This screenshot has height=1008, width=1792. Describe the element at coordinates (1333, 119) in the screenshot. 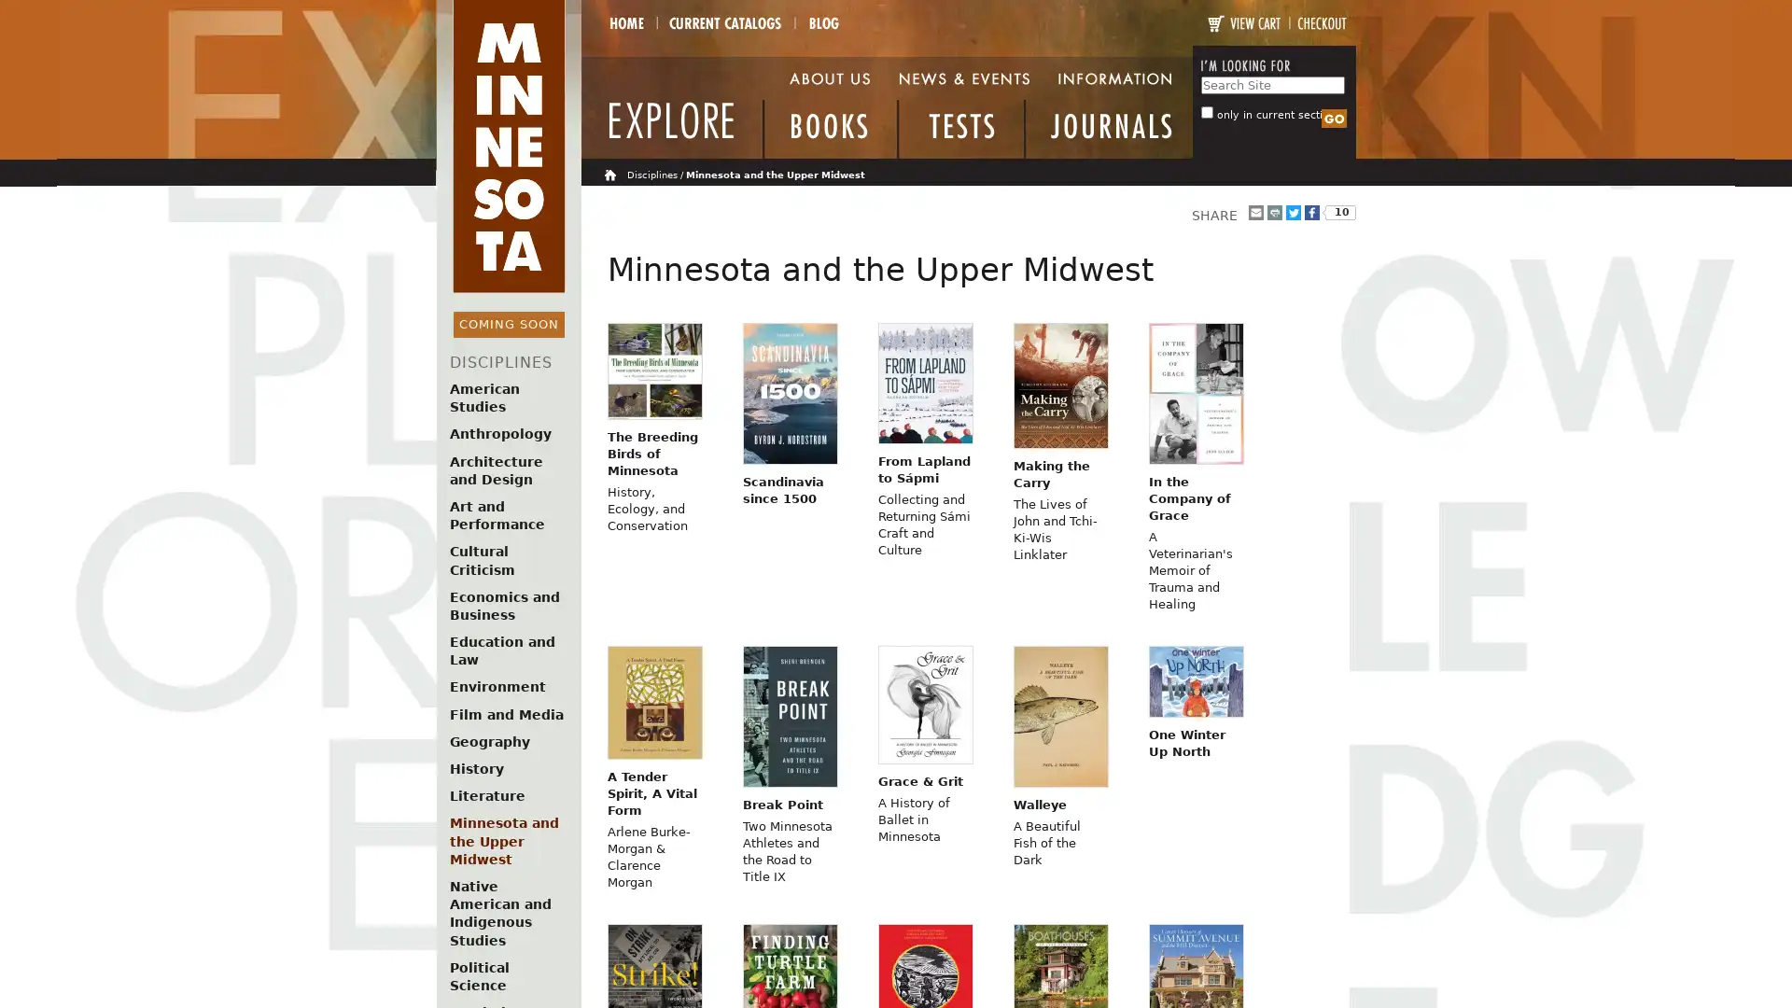

I see `Search` at that location.